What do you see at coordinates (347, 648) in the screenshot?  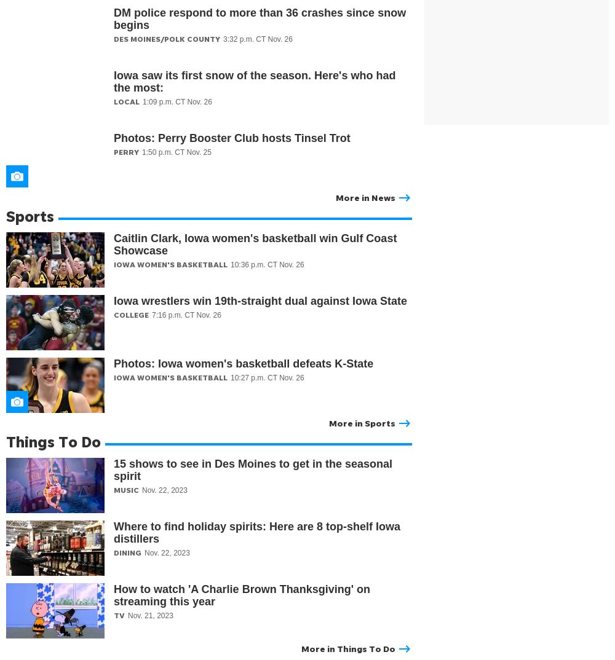 I see `'More in Things To Do'` at bounding box center [347, 648].